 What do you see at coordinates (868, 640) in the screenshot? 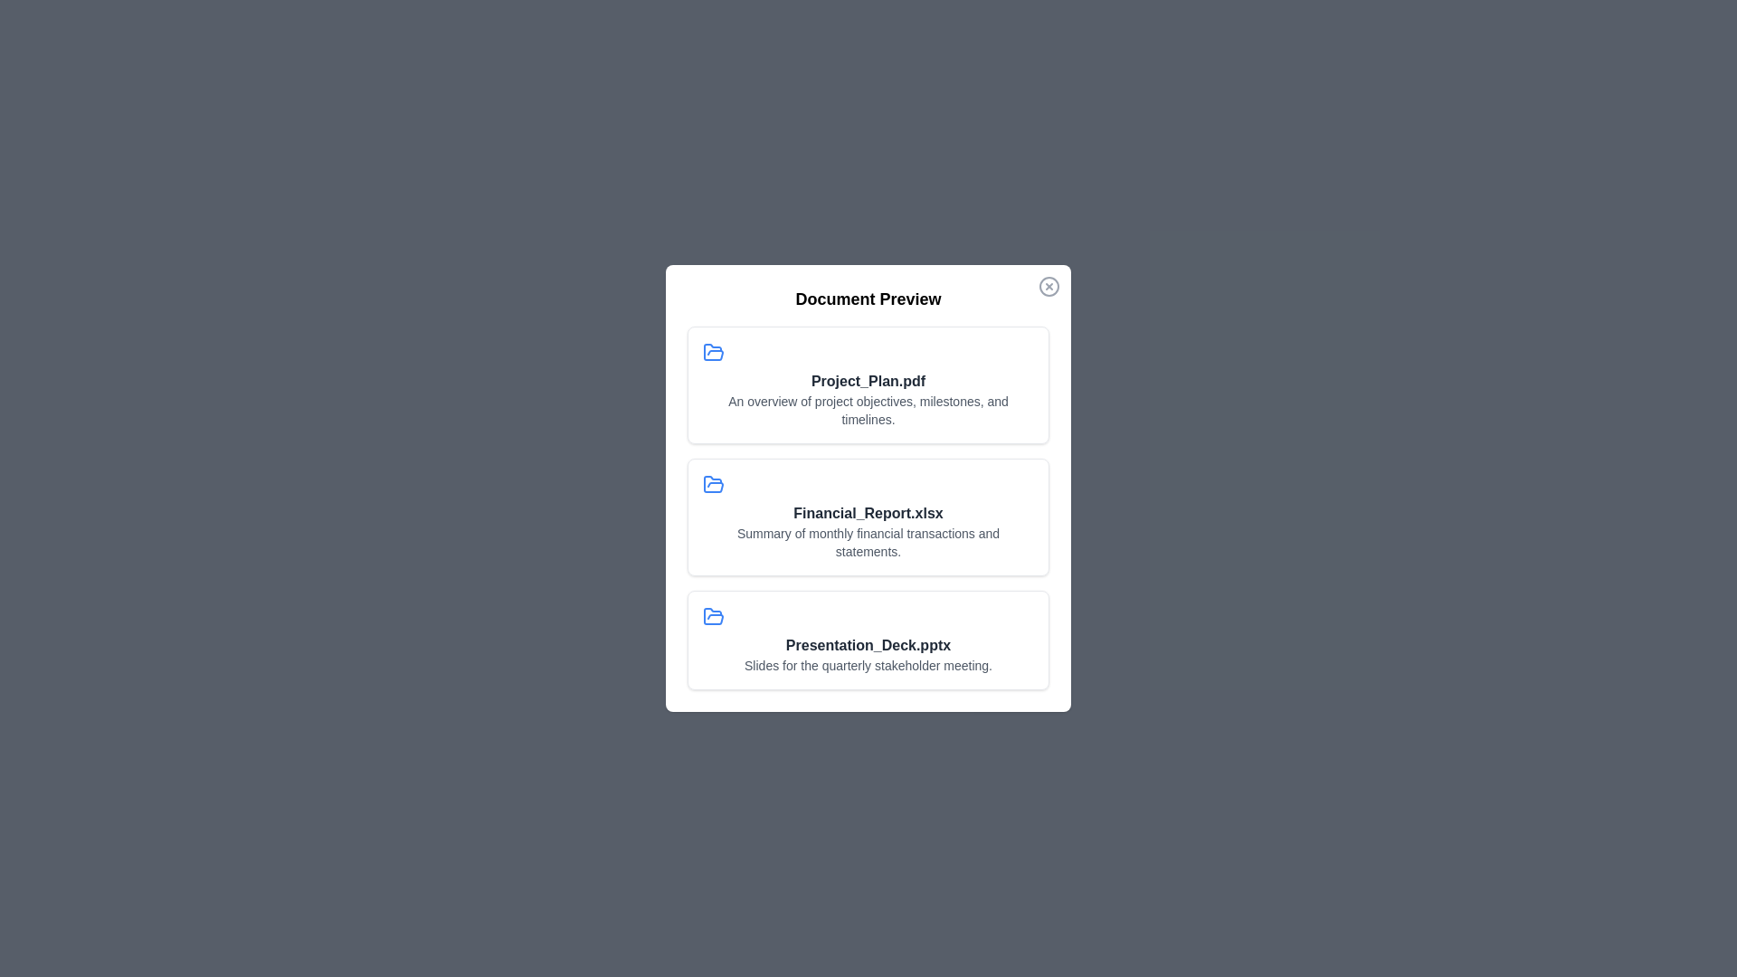
I see `the document titled Presentation_Deck.pptx to preview it` at bounding box center [868, 640].